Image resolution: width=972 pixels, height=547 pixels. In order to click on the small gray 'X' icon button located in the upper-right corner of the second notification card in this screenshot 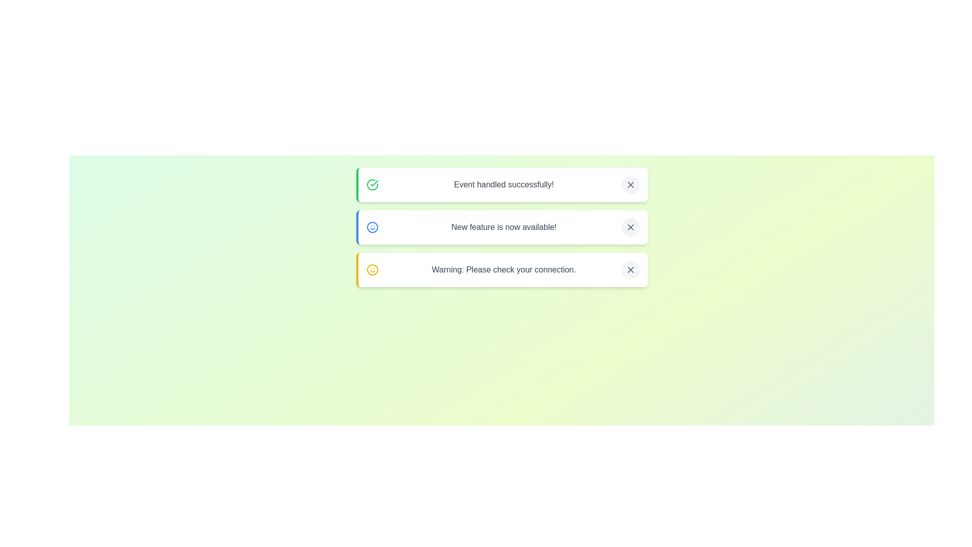, I will do `click(630, 269)`.